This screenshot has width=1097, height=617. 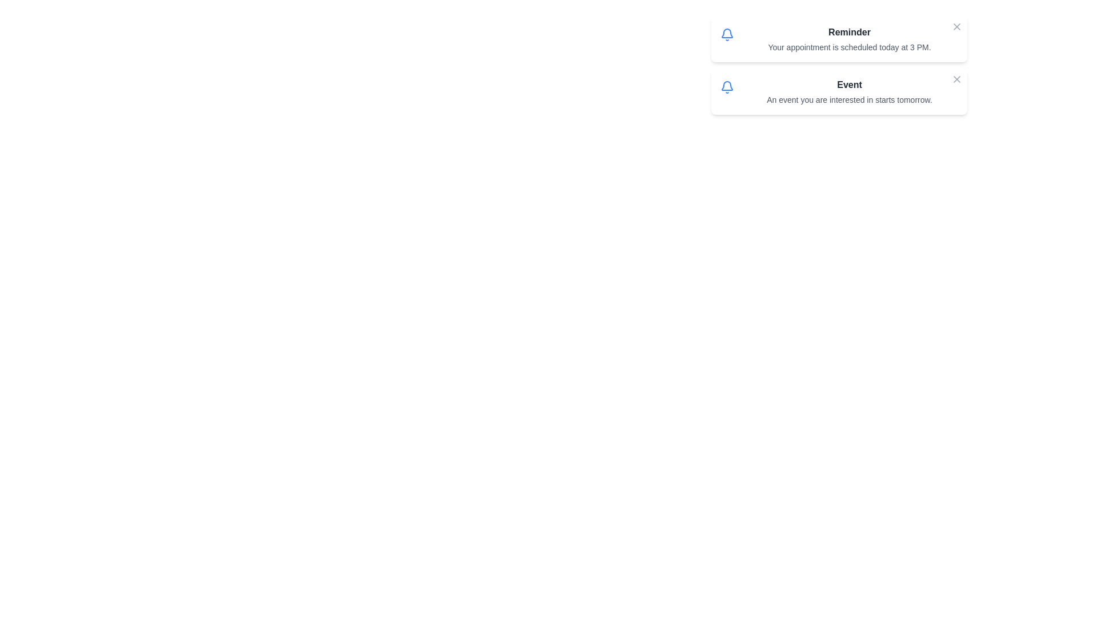 What do you see at coordinates (850, 32) in the screenshot?
I see `text label displaying 'Reminder' which is a bold dark gray font located at the top of the notification card` at bounding box center [850, 32].